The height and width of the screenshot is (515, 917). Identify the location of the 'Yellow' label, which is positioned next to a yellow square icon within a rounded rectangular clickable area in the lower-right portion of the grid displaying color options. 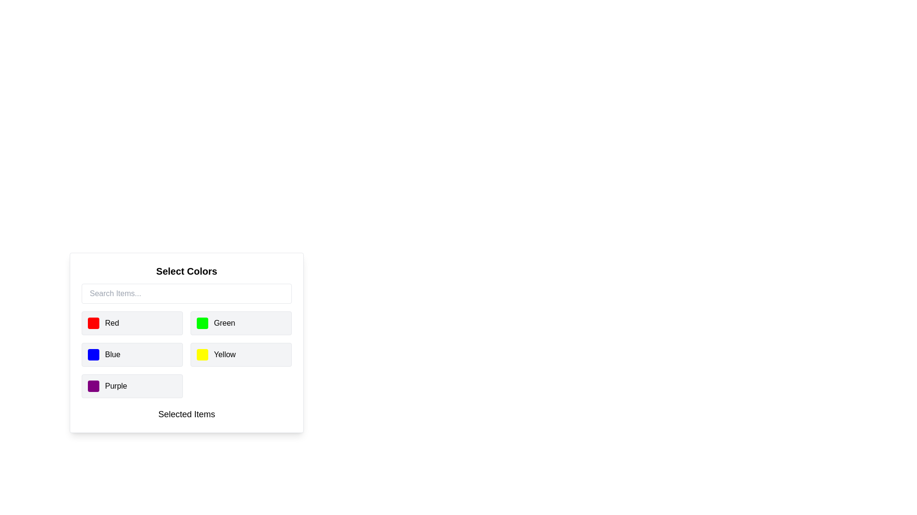
(224, 355).